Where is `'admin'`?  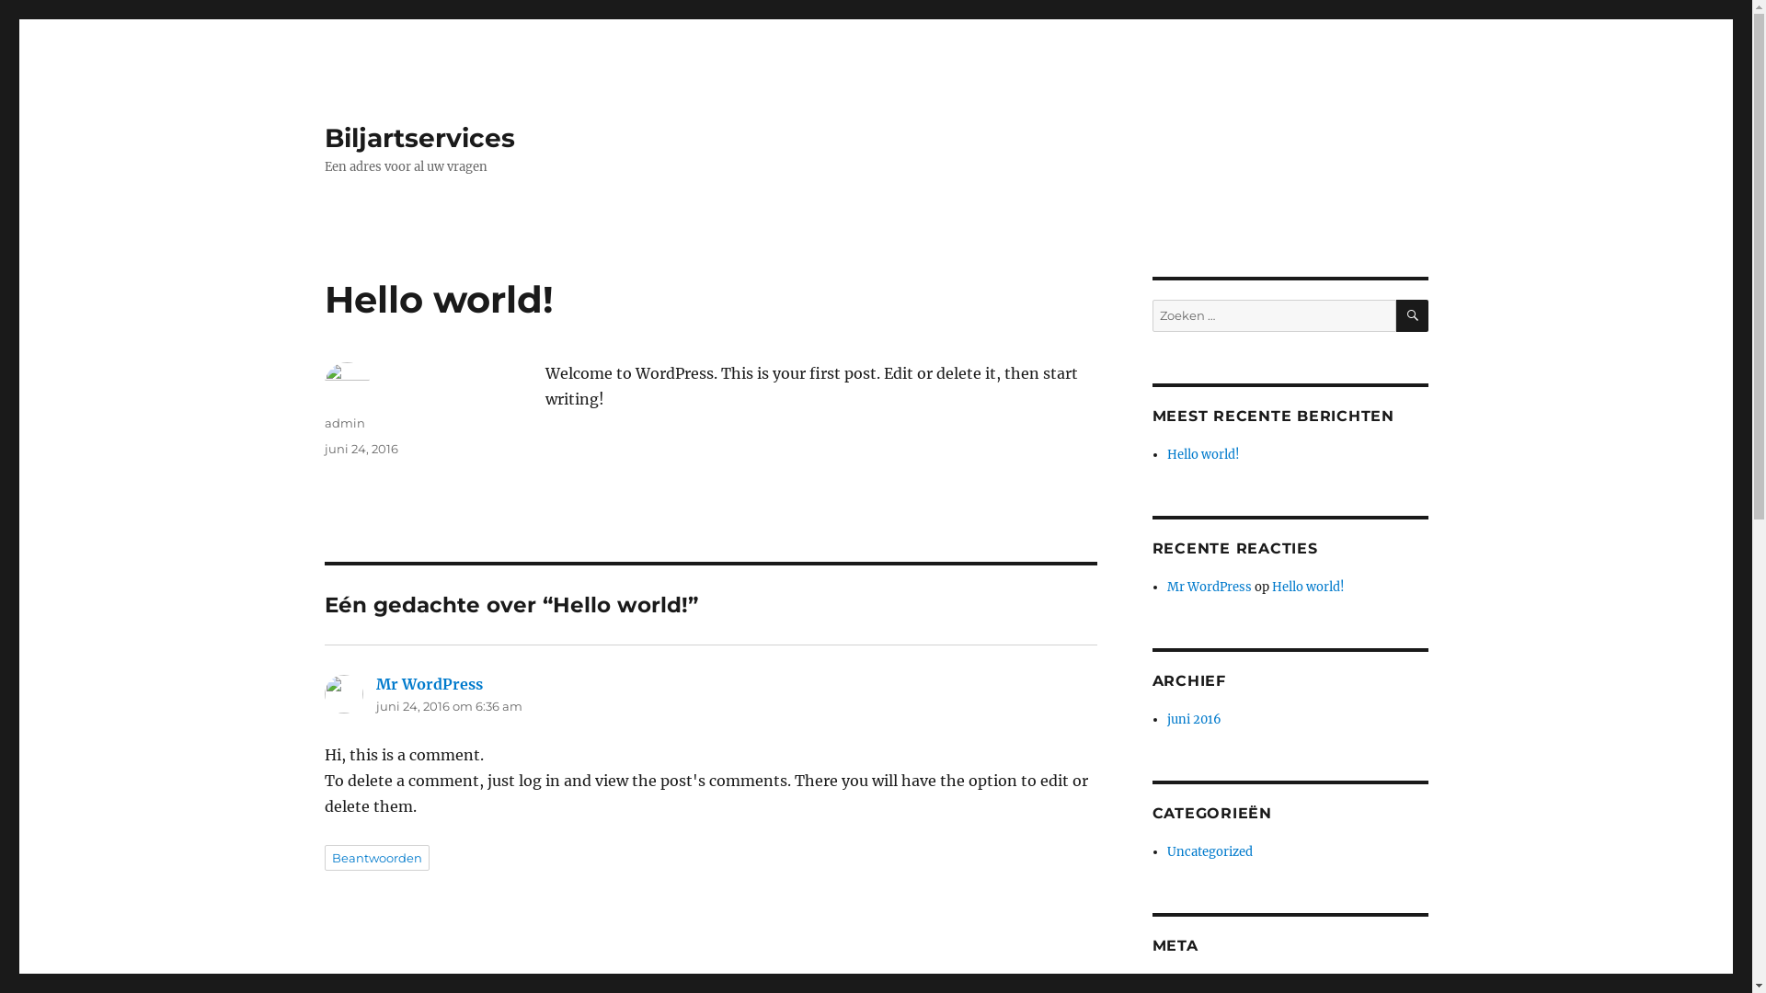 'admin' is located at coordinates (323, 422).